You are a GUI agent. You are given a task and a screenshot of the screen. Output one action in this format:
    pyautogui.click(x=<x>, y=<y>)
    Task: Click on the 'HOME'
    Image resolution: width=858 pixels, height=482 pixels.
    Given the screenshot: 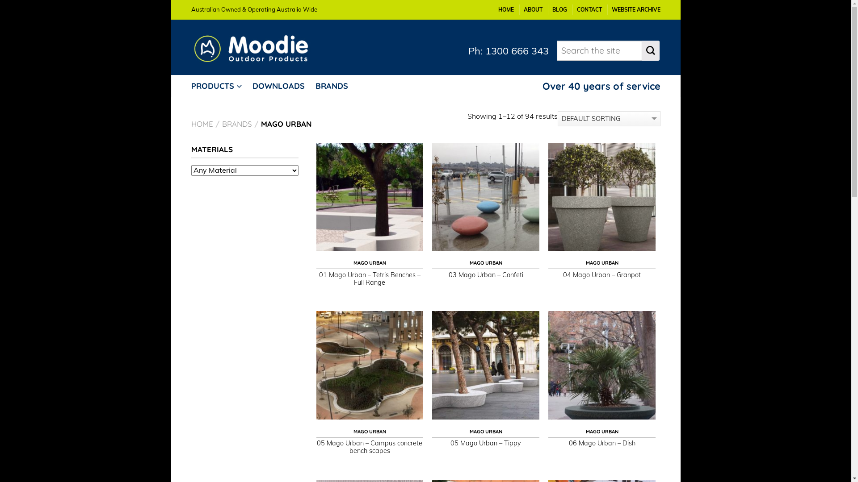 What is the action you would take?
    pyautogui.click(x=190, y=124)
    